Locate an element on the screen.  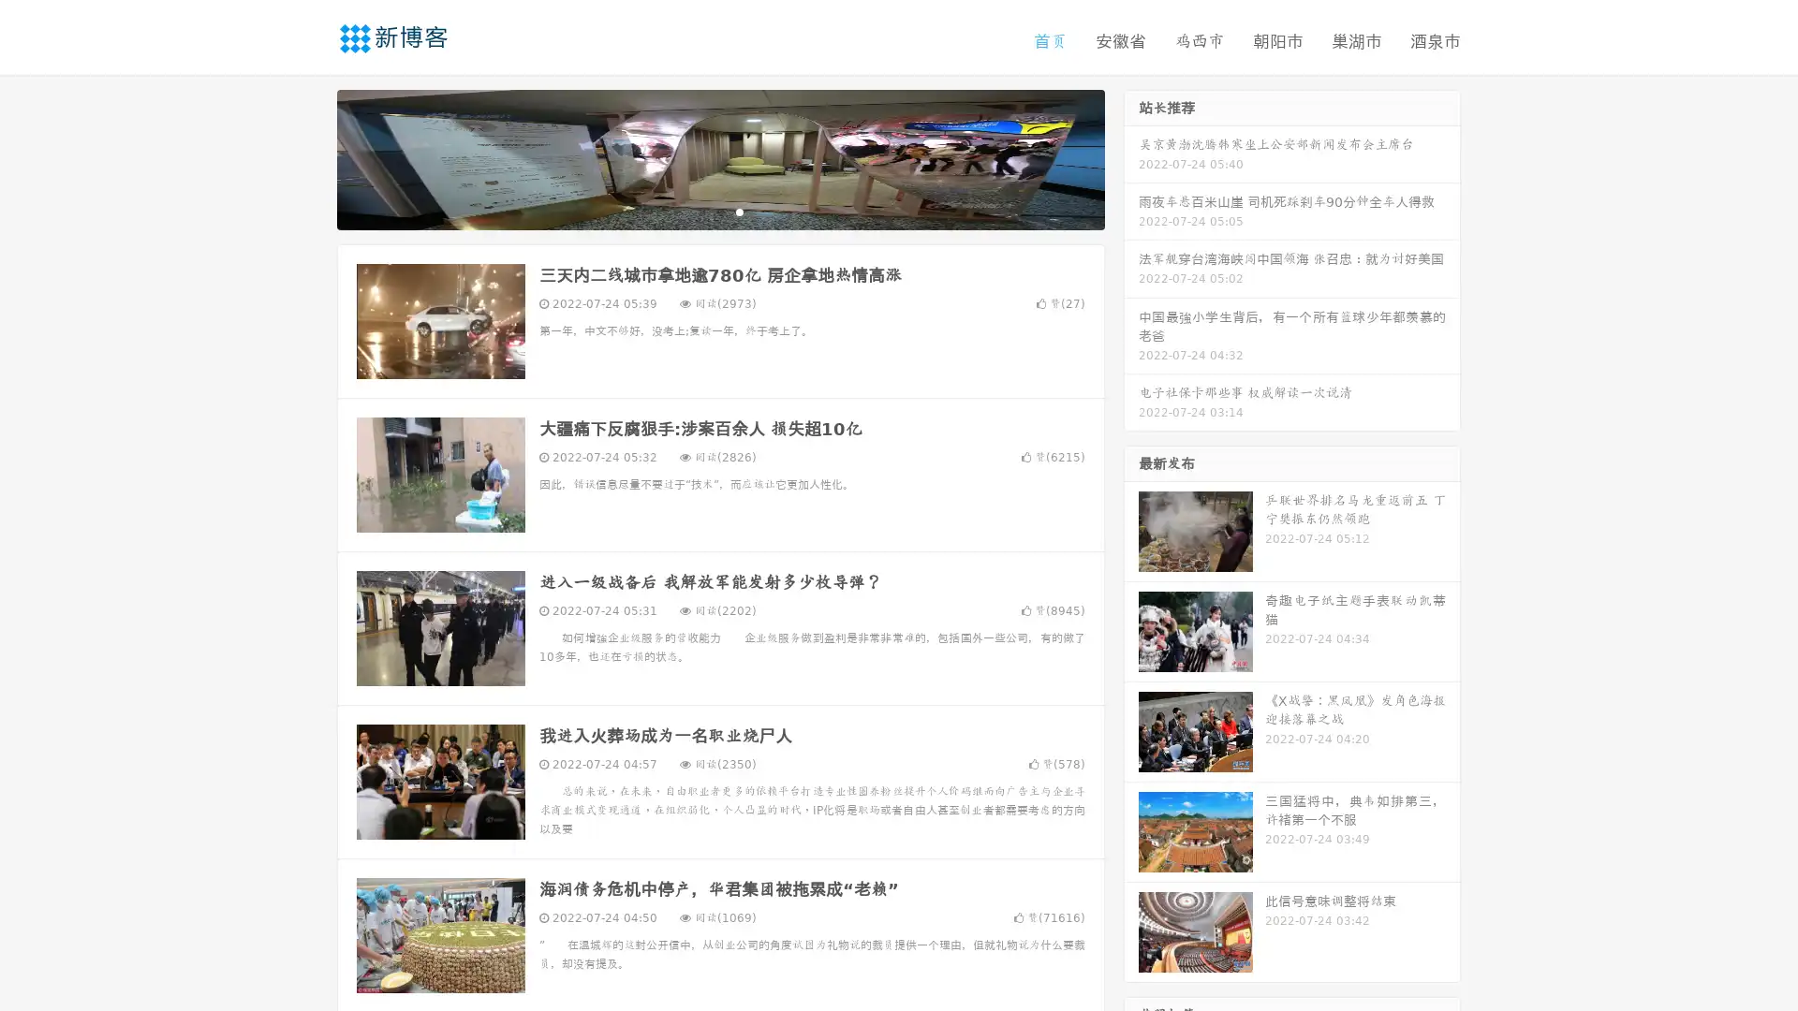
Go to slide 2 is located at coordinates (719, 211).